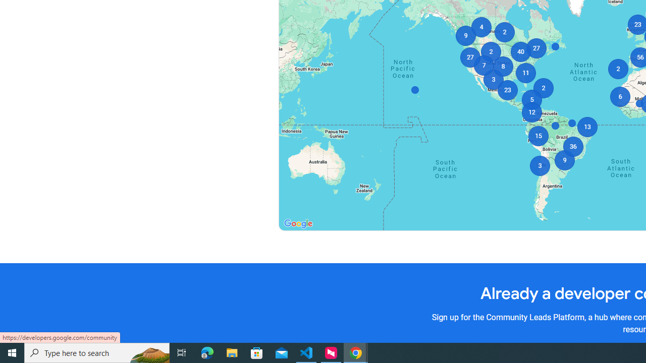 The width and height of the screenshot is (646, 363). I want to click on '27', so click(535, 48).